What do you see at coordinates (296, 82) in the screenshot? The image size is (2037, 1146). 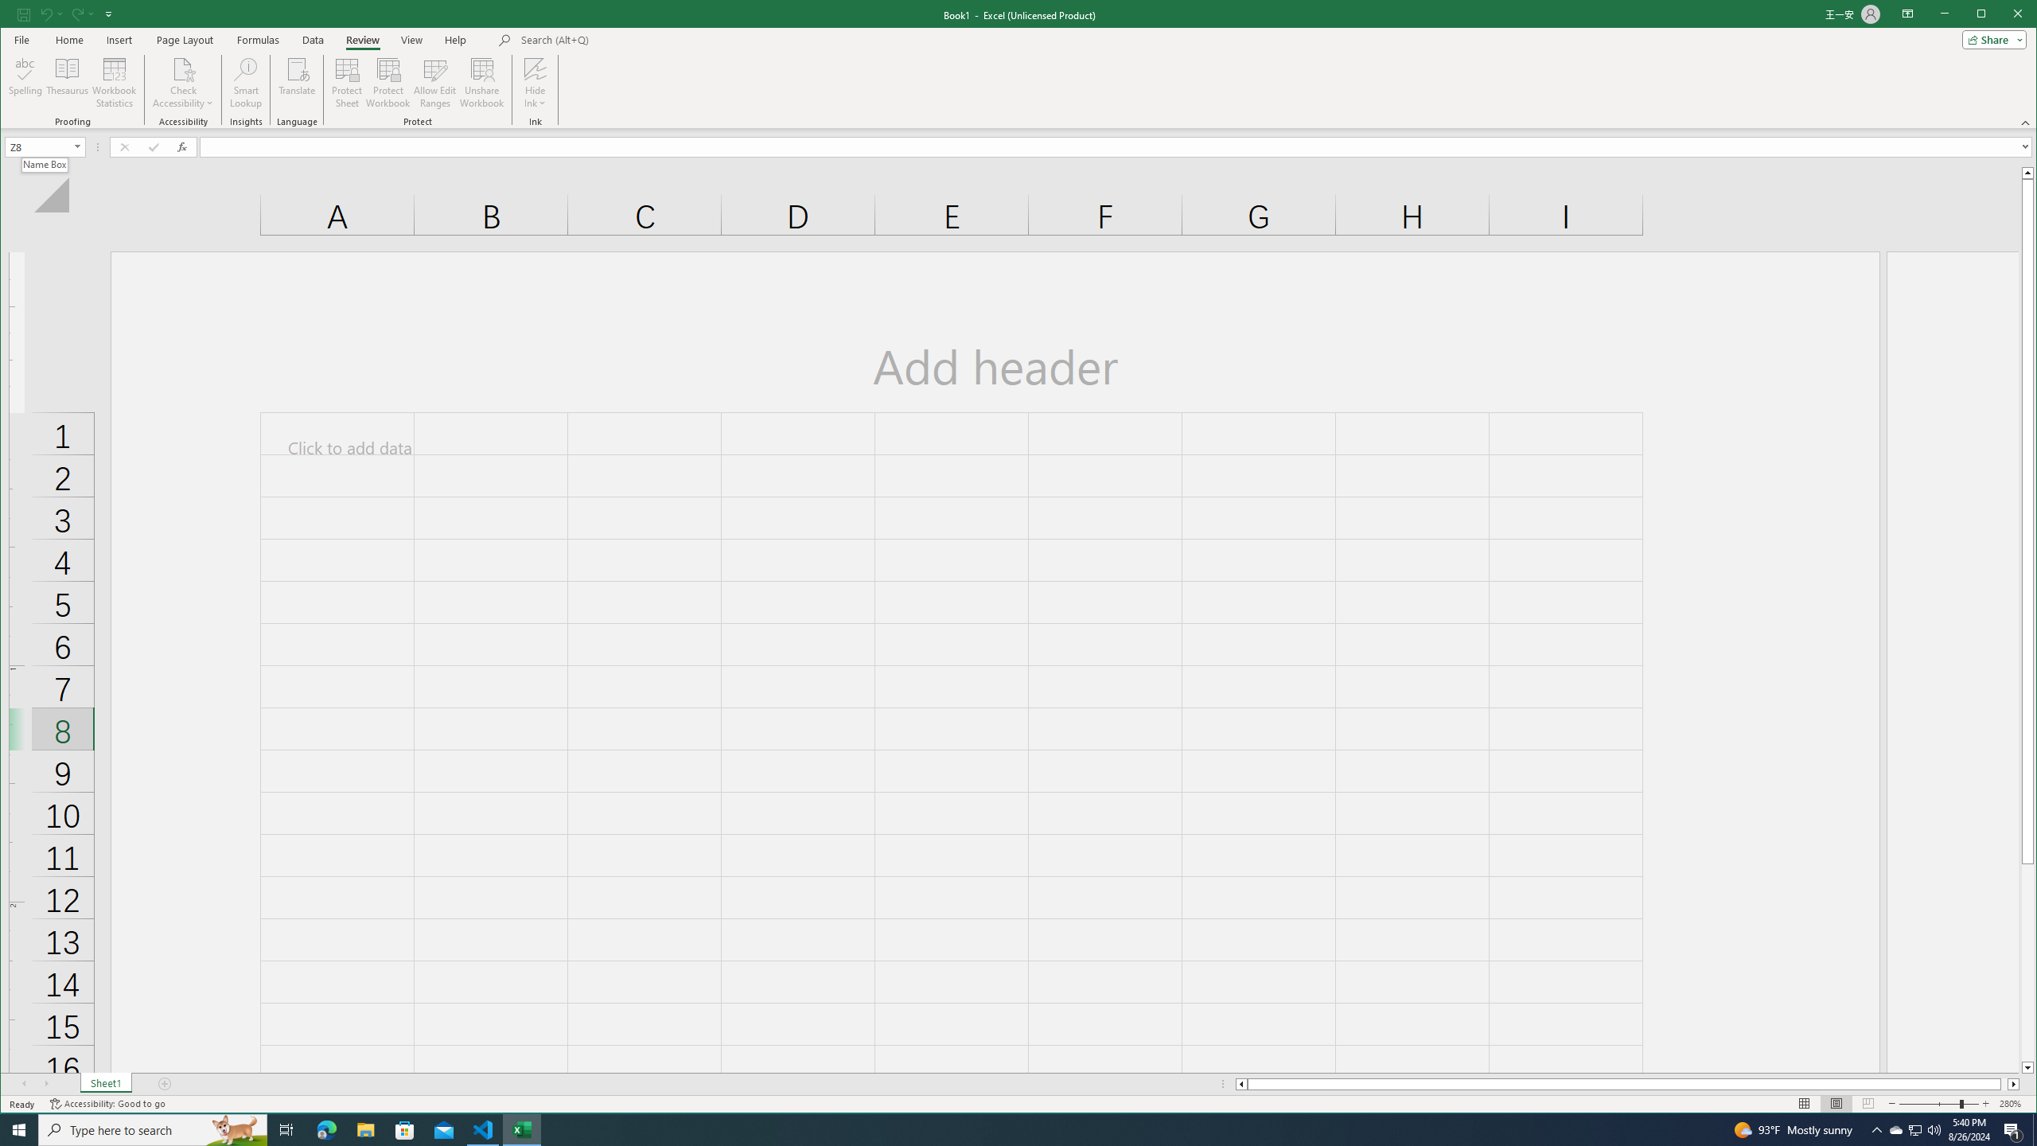 I see `'Translate'` at bounding box center [296, 82].